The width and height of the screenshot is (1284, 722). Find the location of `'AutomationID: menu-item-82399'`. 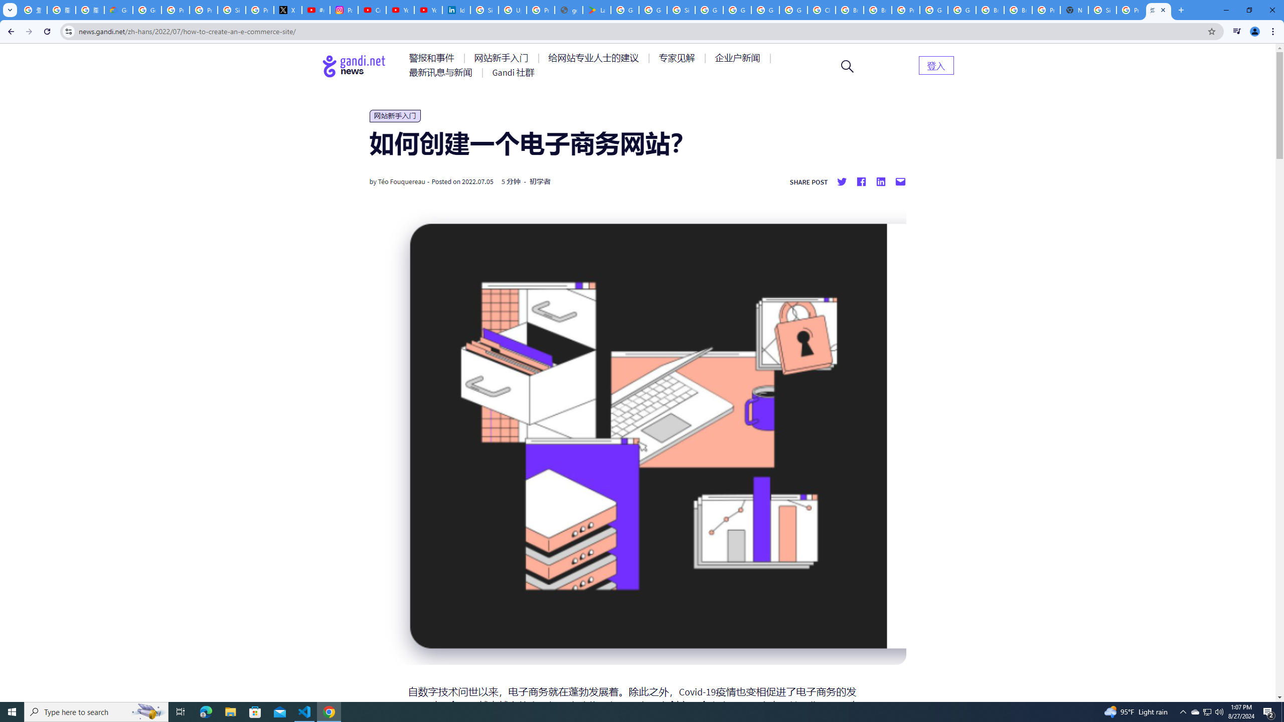

'AutomationID: menu-item-82399' is located at coordinates (936, 65).